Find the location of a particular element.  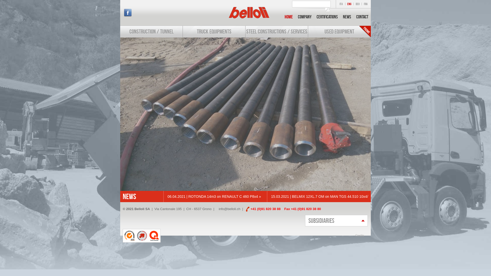

'ITA' is located at coordinates (341, 4).